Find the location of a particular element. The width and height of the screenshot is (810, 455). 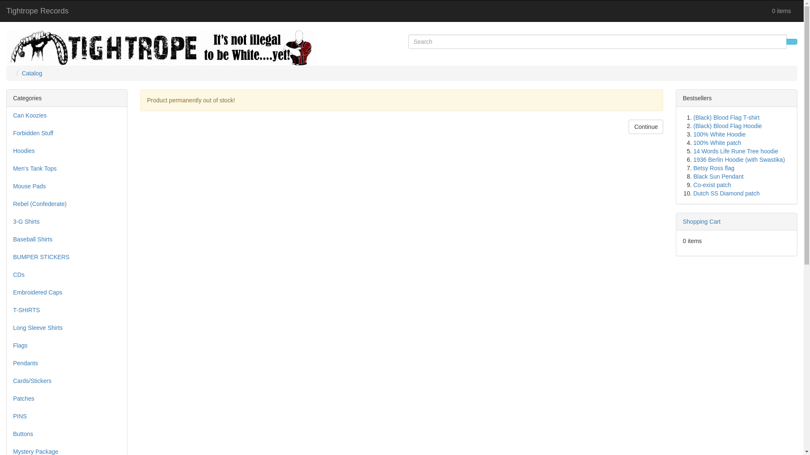

'Patches' is located at coordinates (66, 398).